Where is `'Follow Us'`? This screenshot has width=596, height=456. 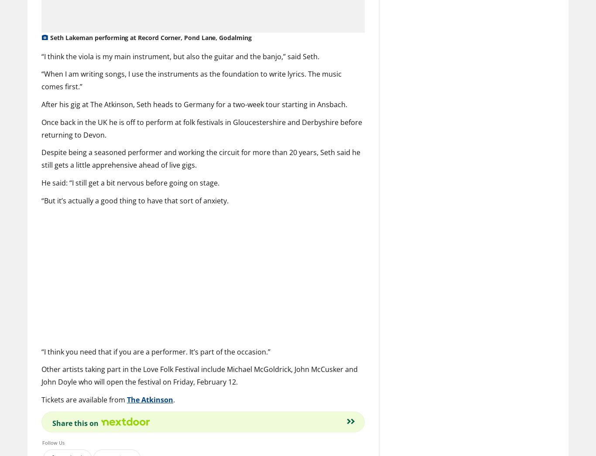 'Follow Us' is located at coordinates (53, 442).